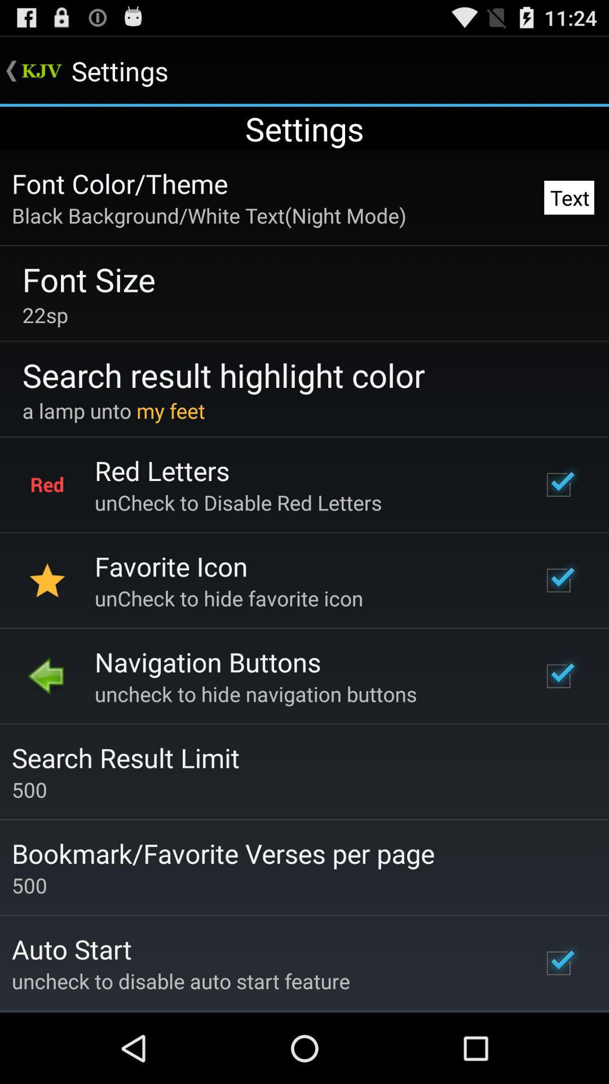 This screenshot has height=1084, width=609. Describe the element at coordinates (88, 279) in the screenshot. I see `icon below the black background white` at that location.